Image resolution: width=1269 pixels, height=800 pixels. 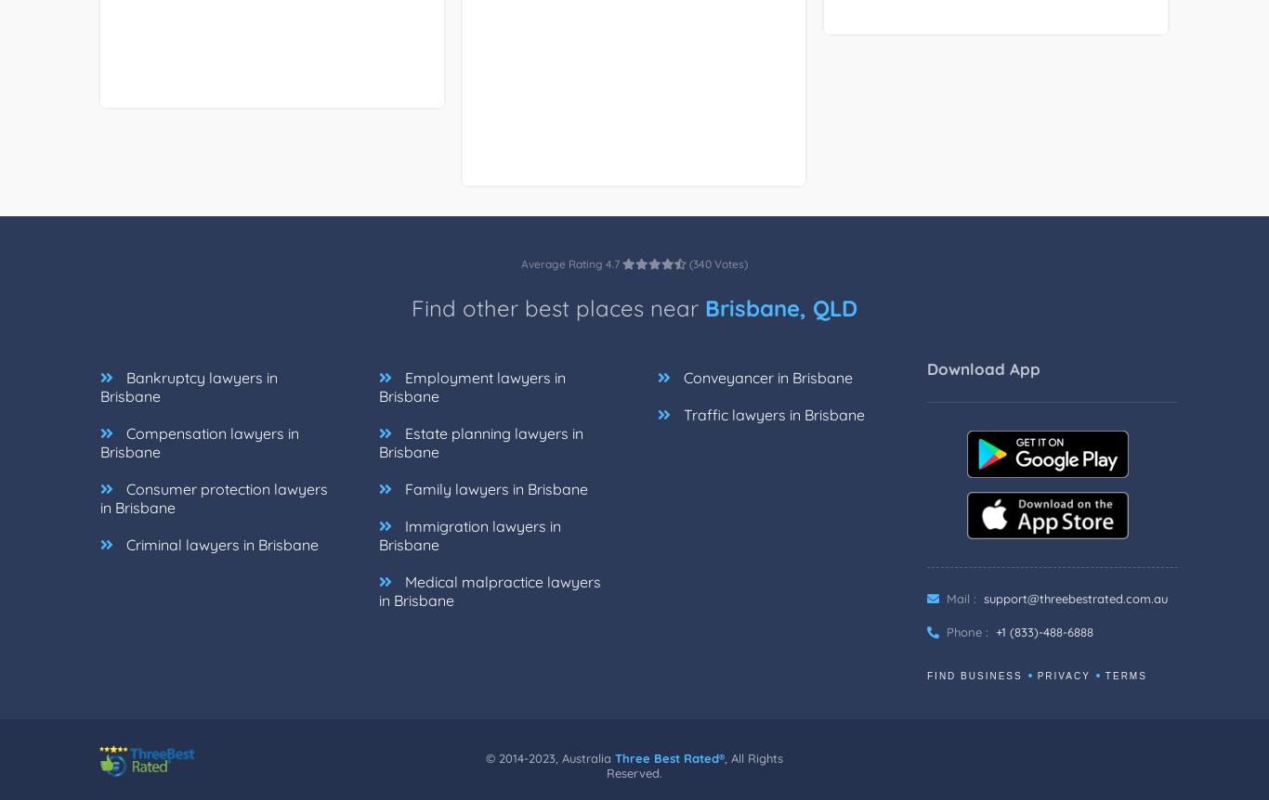 I want to click on 'Mail :', so click(x=958, y=618).